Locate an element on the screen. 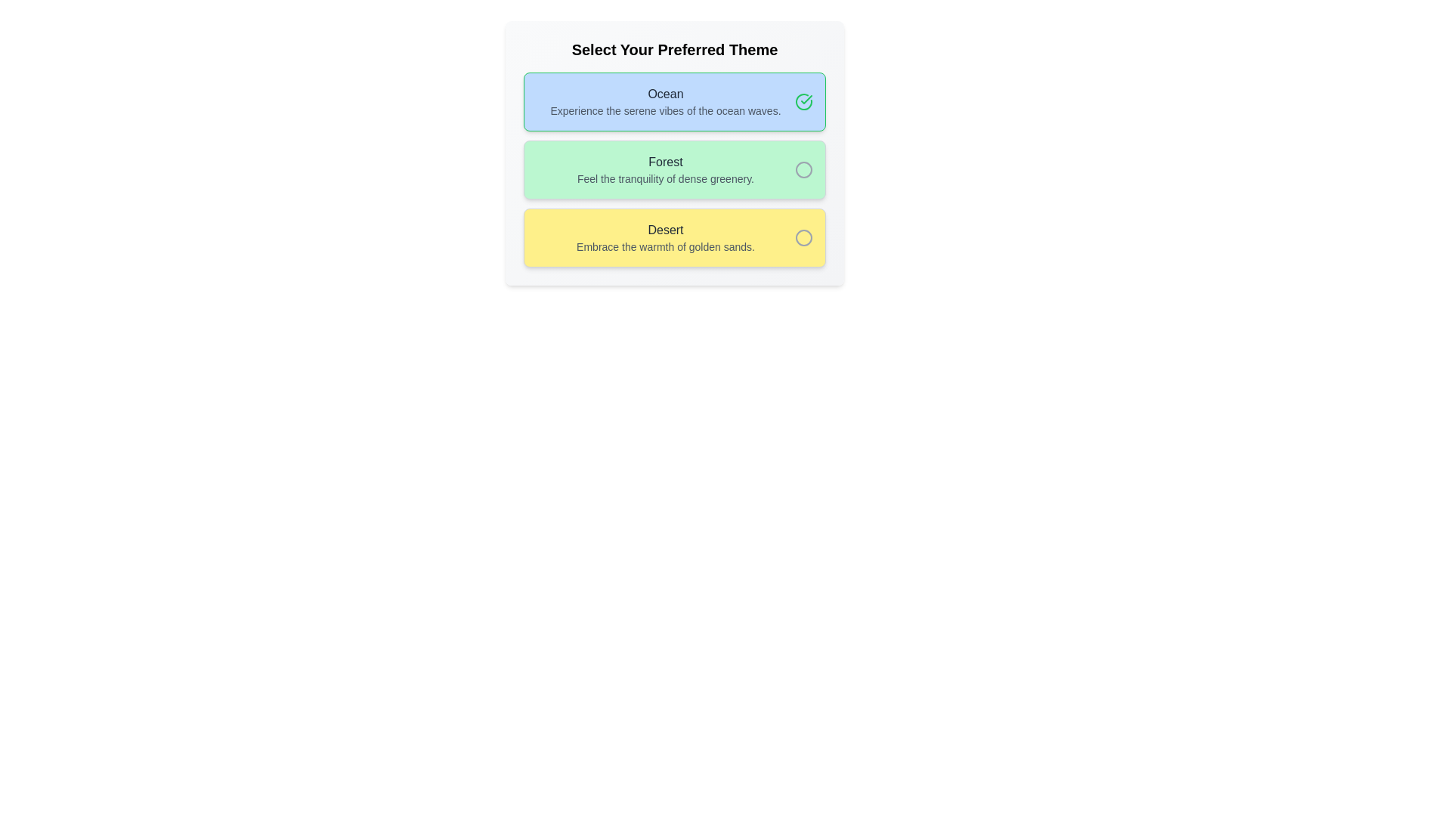 The width and height of the screenshot is (1451, 816). the circular radio button element with a gray outline located to the right of the 'Desert' option in the selectable themes list is located at coordinates (803, 238).